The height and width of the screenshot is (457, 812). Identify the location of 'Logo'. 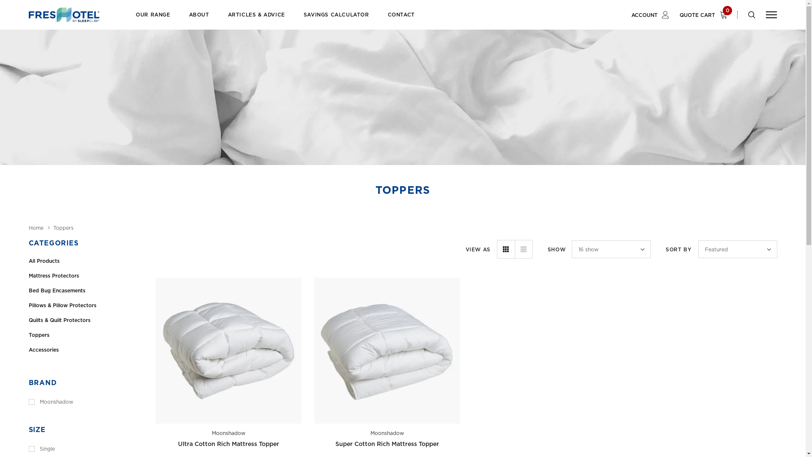
(63, 15).